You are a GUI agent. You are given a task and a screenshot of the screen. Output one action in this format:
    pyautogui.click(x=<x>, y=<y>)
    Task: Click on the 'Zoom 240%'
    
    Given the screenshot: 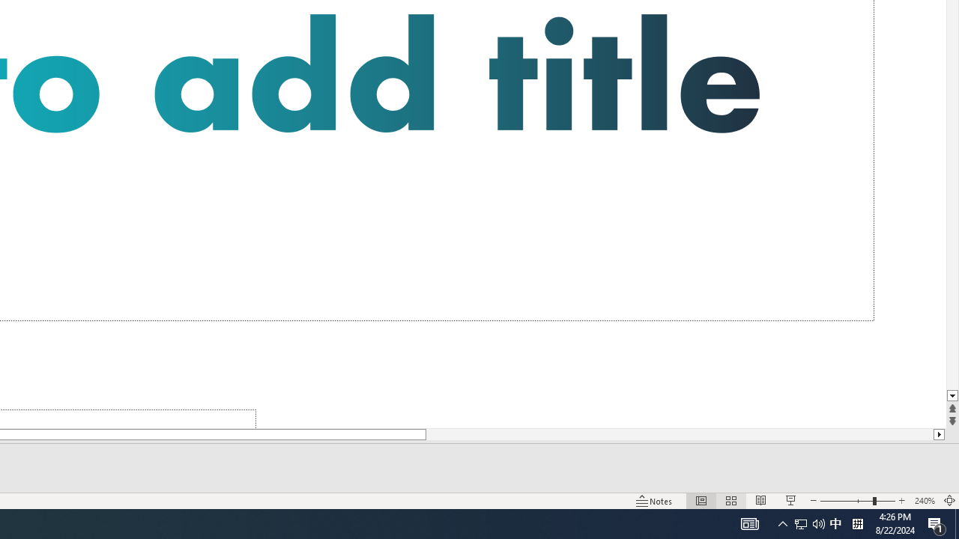 What is the action you would take?
    pyautogui.click(x=924, y=501)
    